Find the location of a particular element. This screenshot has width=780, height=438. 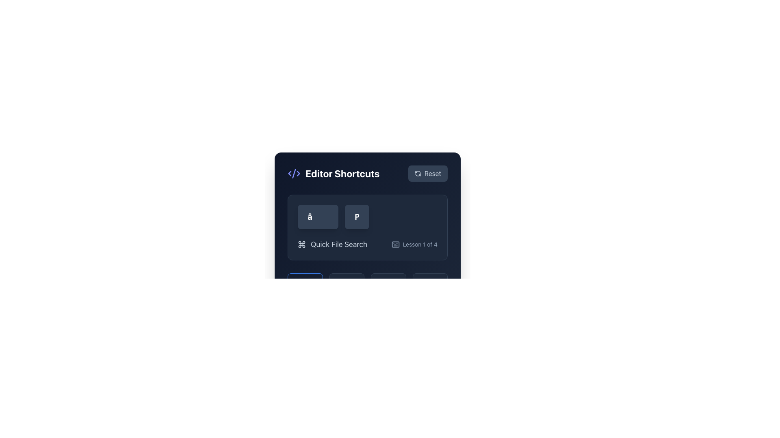

the rectangular background element that serves as the visual component for the keyboard group within the UI is located at coordinates (395, 244).